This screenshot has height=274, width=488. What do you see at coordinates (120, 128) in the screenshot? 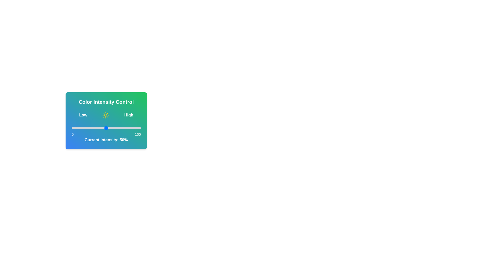
I see `the intensity value` at bounding box center [120, 128].